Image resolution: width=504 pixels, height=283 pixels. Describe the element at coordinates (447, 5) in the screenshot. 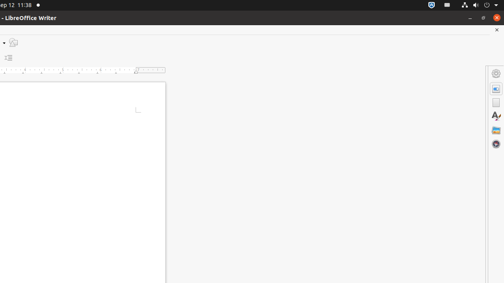

I see `'org.kde.StatusNotifierItem-14077-1'` at that location.